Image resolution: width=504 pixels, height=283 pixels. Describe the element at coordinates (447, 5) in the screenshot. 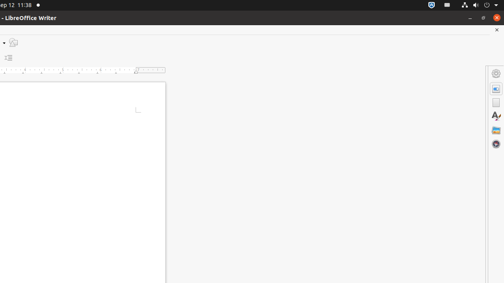

I see `'org.kde.StatusNotifierItem-14077-1'` at that location.